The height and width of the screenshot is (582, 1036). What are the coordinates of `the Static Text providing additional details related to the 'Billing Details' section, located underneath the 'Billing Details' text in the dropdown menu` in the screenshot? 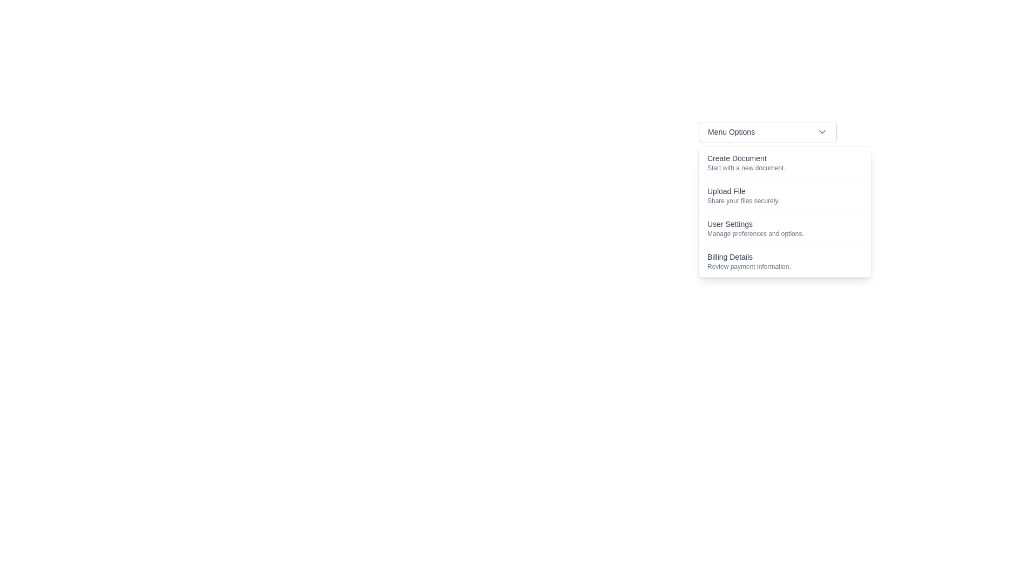 It's located at (785, 266).